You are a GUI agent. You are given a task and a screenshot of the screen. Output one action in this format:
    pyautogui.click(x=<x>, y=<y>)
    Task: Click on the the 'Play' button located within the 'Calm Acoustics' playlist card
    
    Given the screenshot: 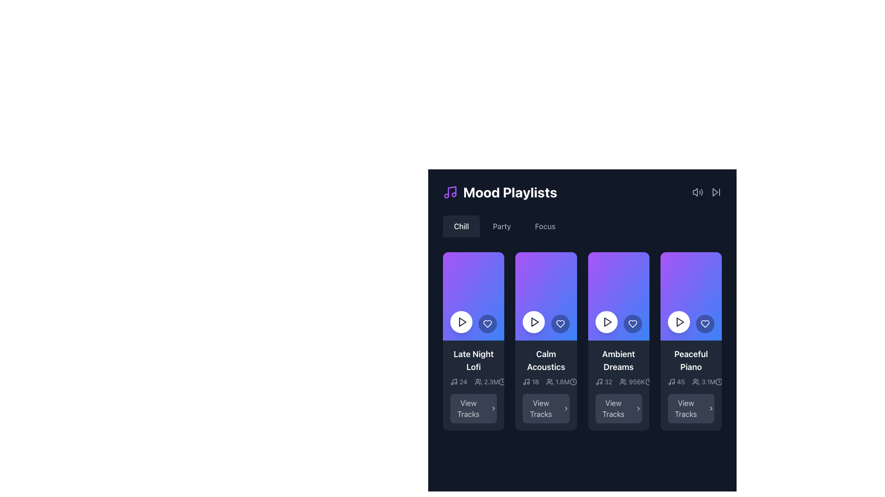 What is the action you would take?
    pyautogui.click(x=534, y=321)
    